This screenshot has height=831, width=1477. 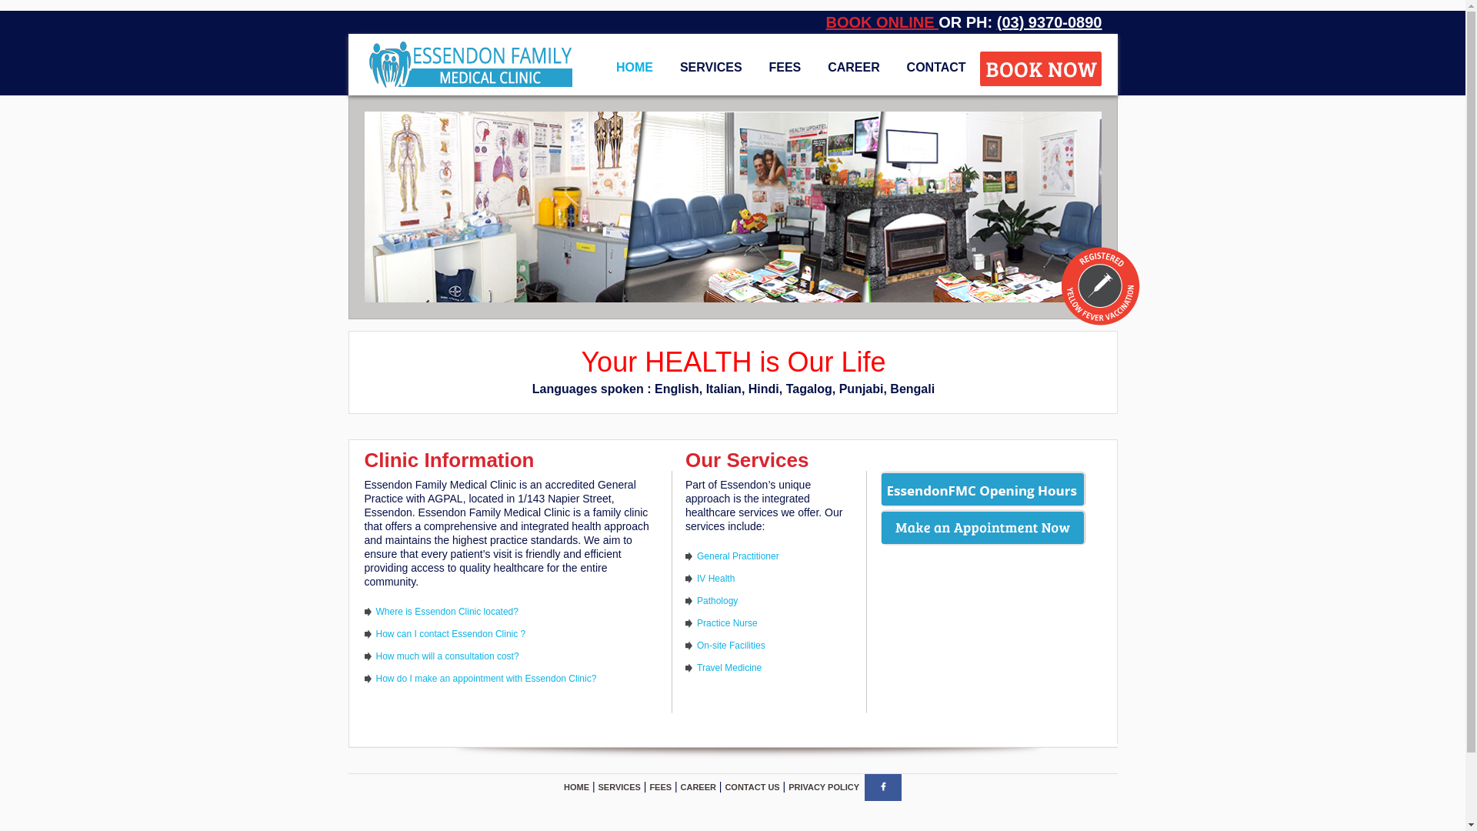 I want to click on 'CONTACT', so click(x=935, y=66).